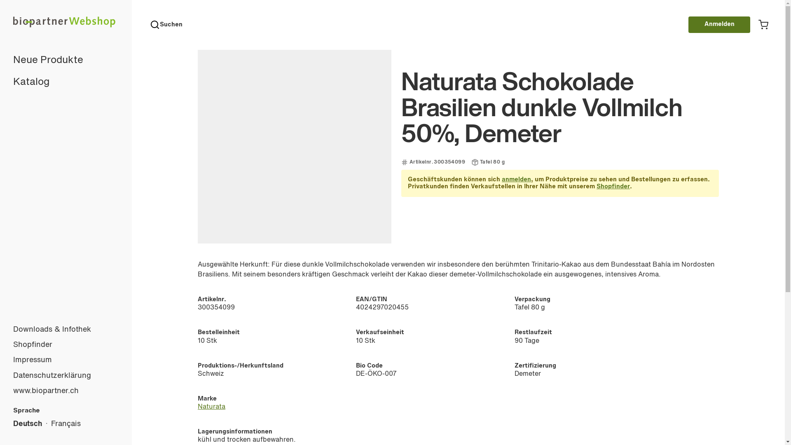 The height and width of the screenshot is (445, 791). Describe the element at coordinates (613, 187) in the screenshot. I see `'Shopfinder'` at that location.